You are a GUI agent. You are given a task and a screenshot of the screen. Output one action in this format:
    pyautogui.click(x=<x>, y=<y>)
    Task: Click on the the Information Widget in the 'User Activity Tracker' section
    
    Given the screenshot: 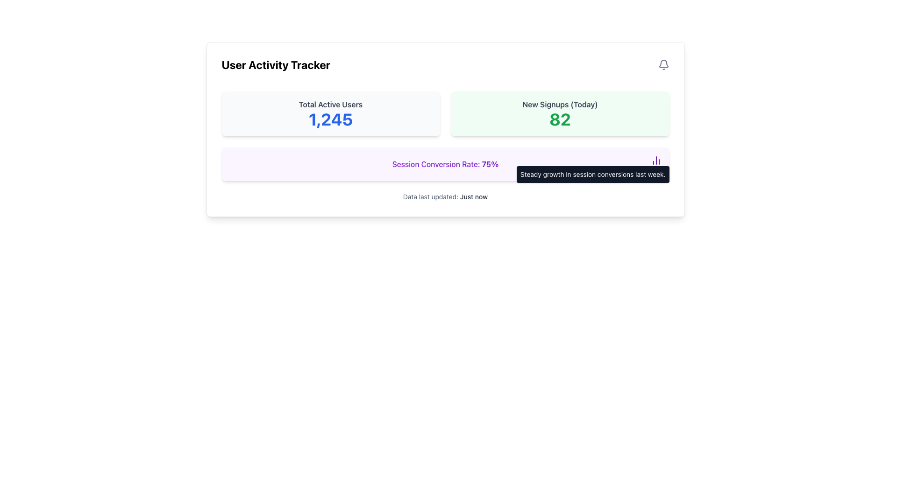 What is the action you would take?
    pyautogui.click(x=445, y=136)
    